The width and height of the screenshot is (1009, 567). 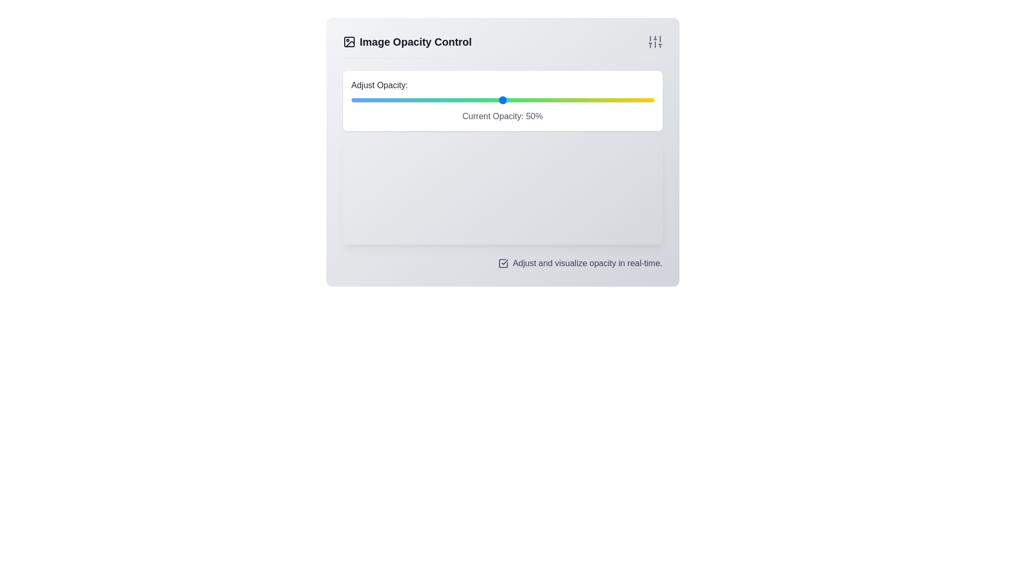 I want to click on the small rounded rectangle icon located in the top-left section of the interface, adjacent to the 'Image Opacity Control' text, to interact with it, so click(x=349, y=41).